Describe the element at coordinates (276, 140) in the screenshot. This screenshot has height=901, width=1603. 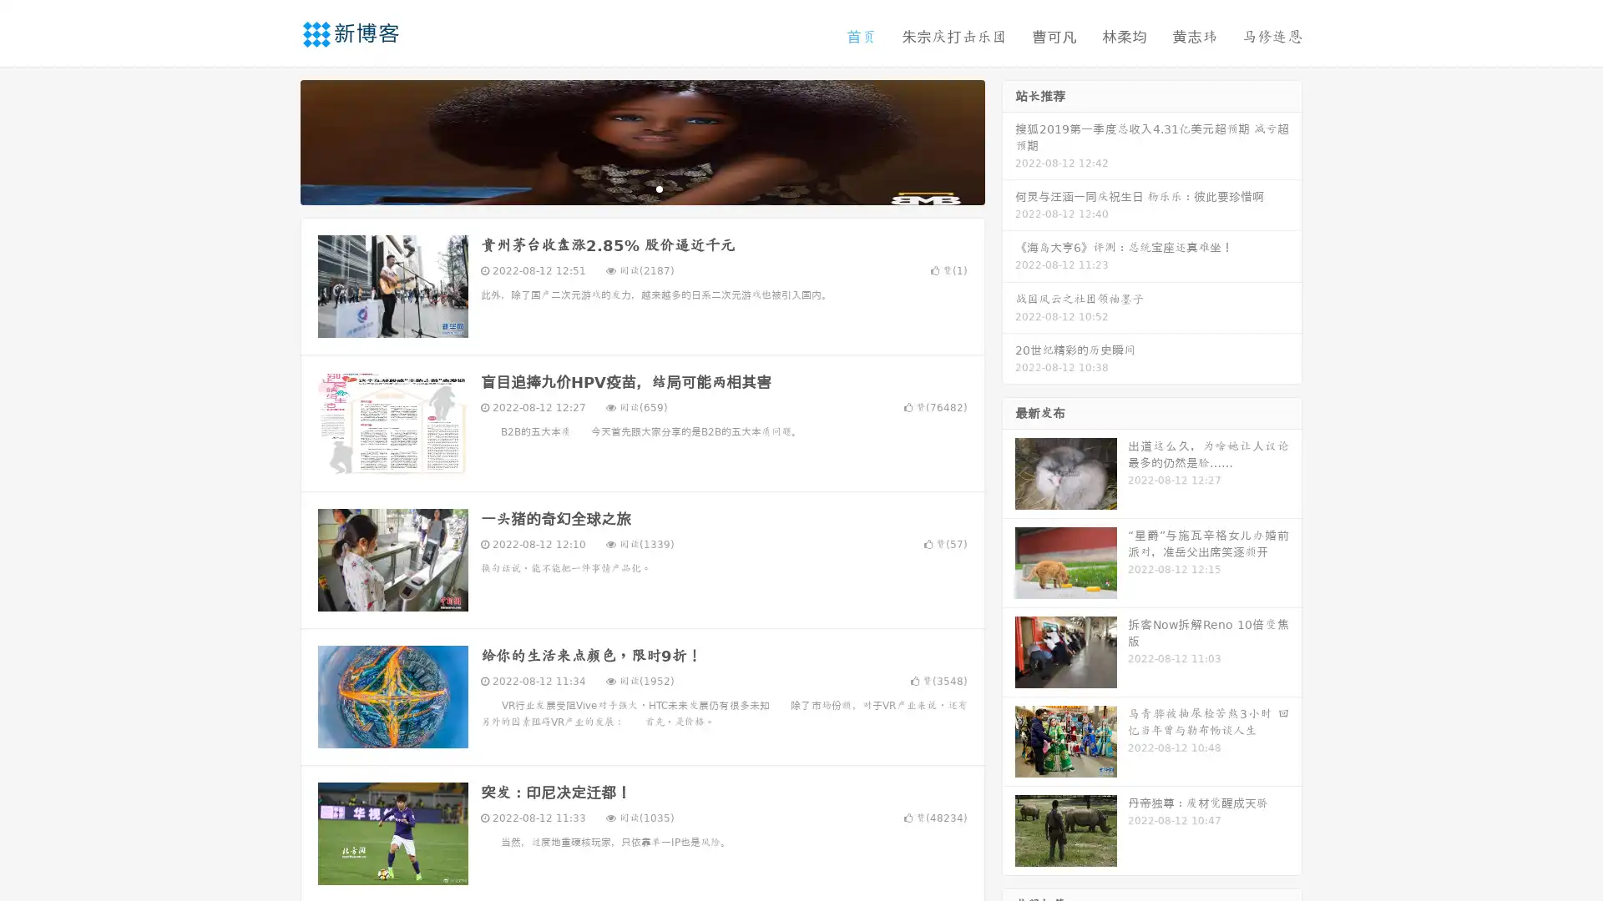
I see `Previous slide` at that location.